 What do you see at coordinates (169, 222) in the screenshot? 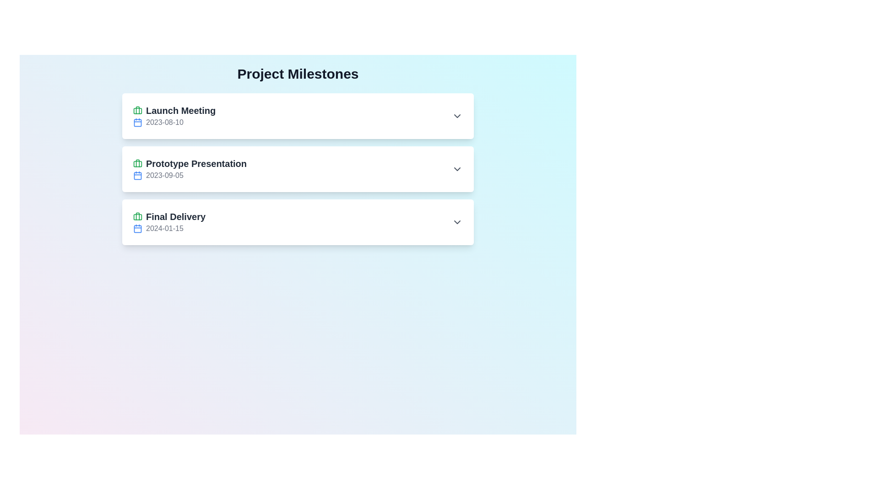
I see `text on the third Information card in the project timeline, which provides details about the final milestone including its title and date` at bounding box center [169, 222].